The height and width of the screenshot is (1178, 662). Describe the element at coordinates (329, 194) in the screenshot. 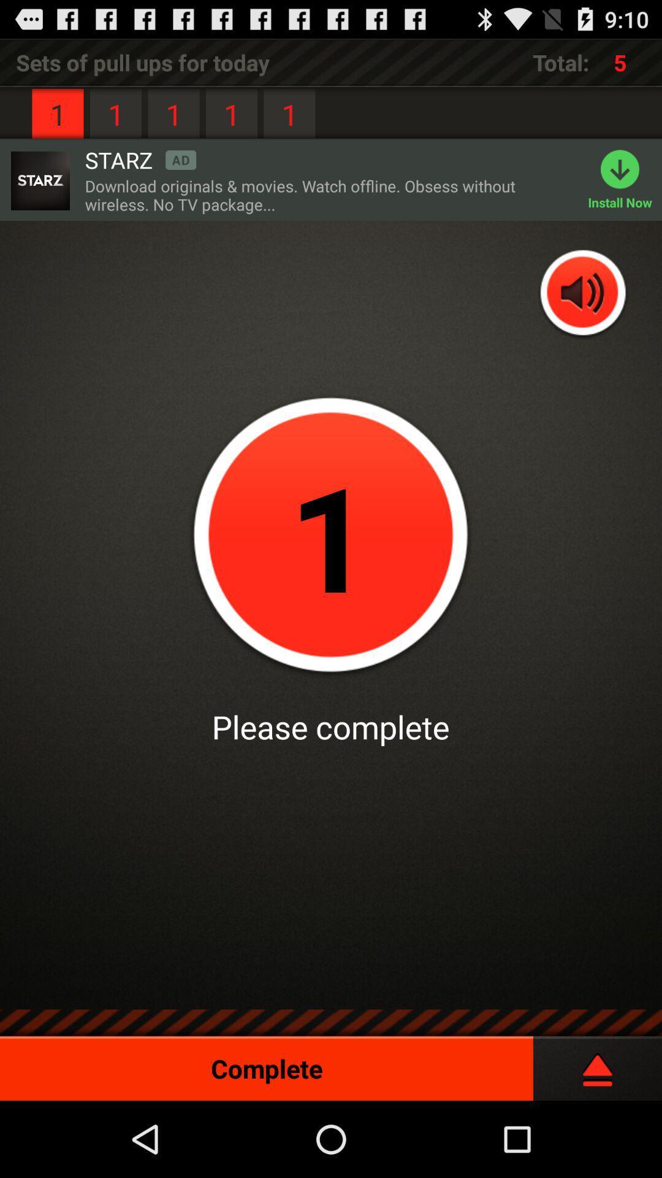

I see `the download originals movies icon` at that location.